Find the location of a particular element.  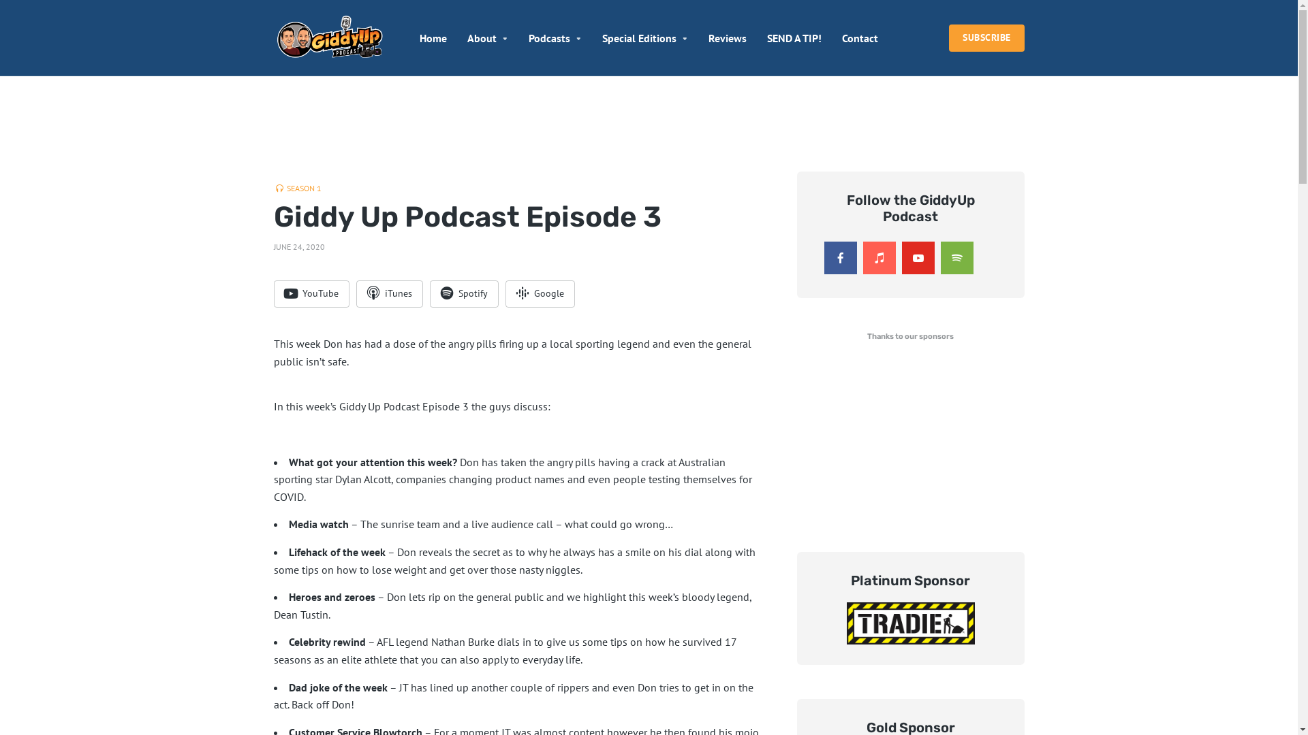

'SUBSCRIBE' is located at coordinates (986, 37).